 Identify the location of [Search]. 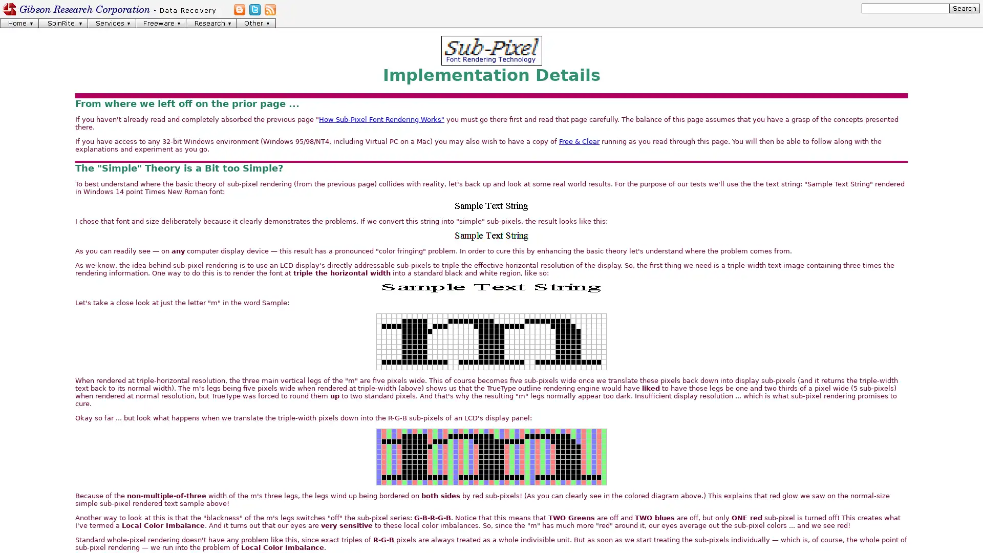
(964, 8).